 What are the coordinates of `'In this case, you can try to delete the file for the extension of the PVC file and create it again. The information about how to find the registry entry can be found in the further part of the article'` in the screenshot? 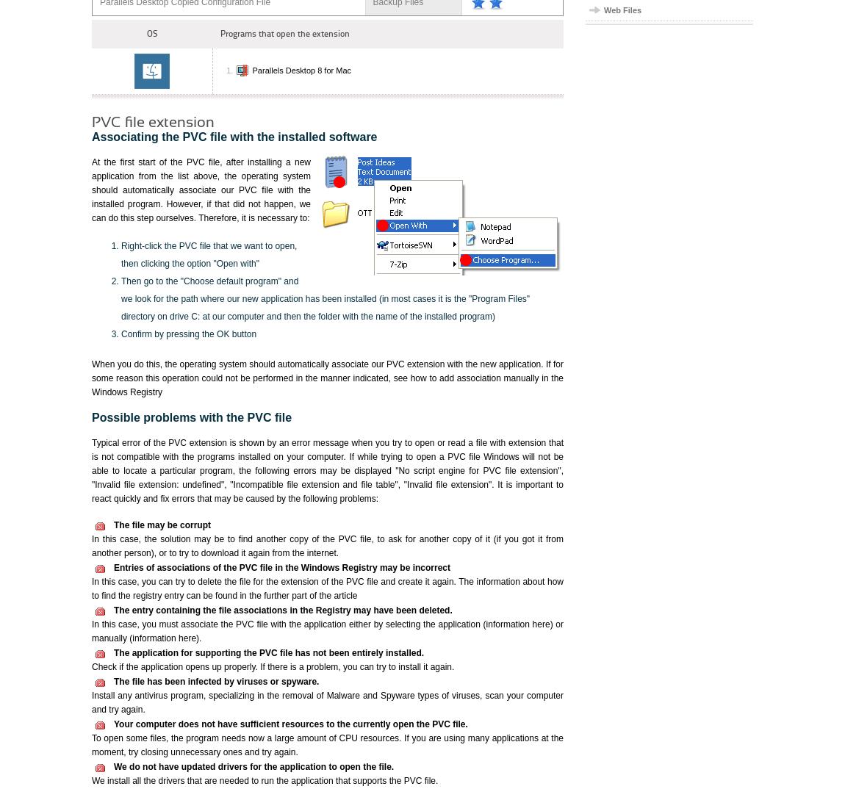 It's located at (327, 588).